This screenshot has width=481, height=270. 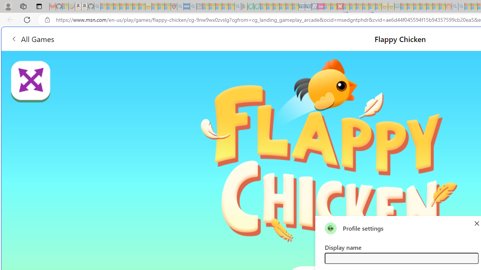 I want to click on 'Recipes - MSN - Sleeping', so click(x=154, y=6).